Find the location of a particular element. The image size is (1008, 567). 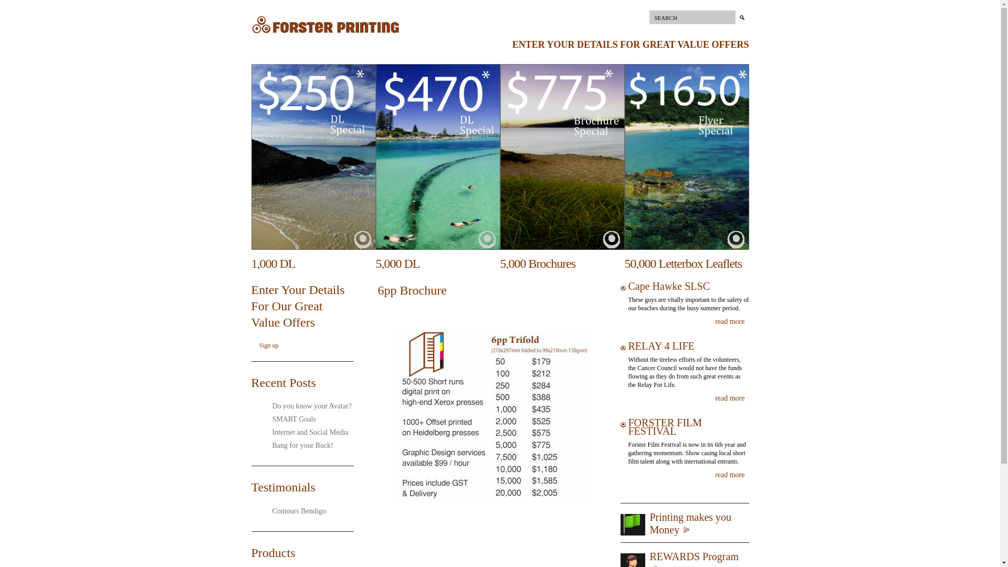

'Do you know your Avatar?' is located at coordinates (307, 405).